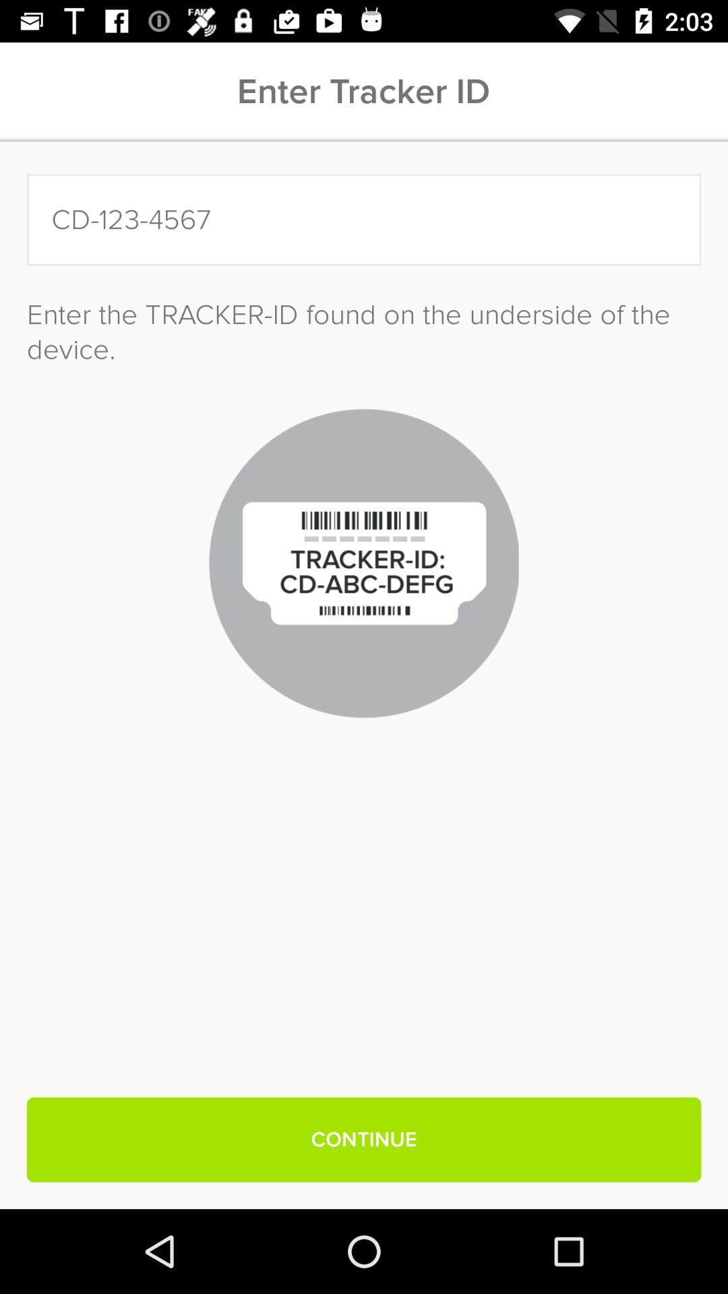 This screenshot has height=1294, width=728. Describe the element at coordinates (364, 1139) in the screenshot. I see `continue icon` at that location.